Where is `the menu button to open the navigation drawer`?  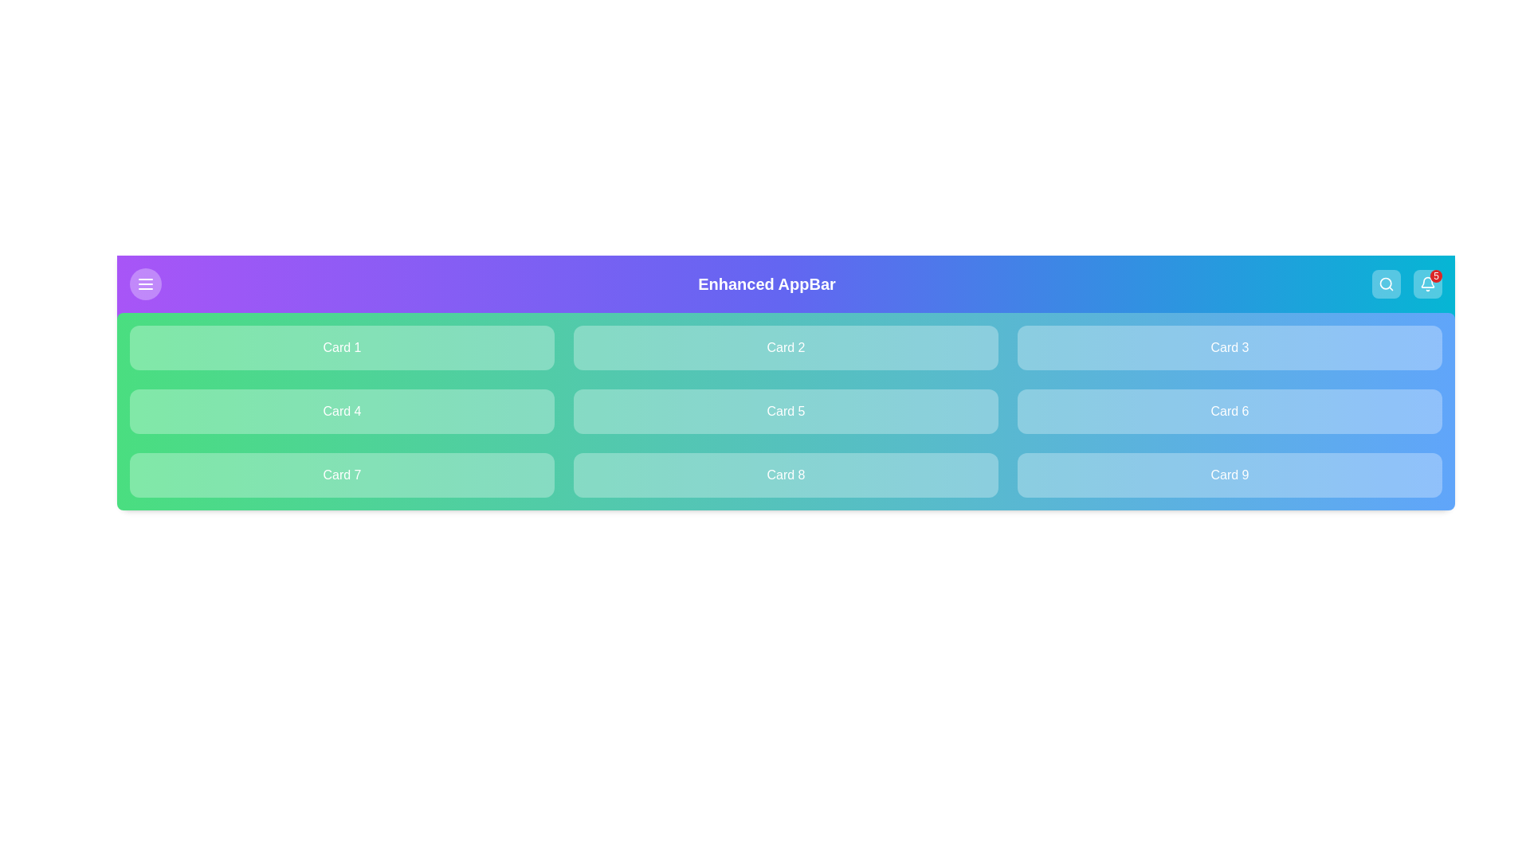 the menu button to open the navigation drawer is located at coordinates (145, 283).